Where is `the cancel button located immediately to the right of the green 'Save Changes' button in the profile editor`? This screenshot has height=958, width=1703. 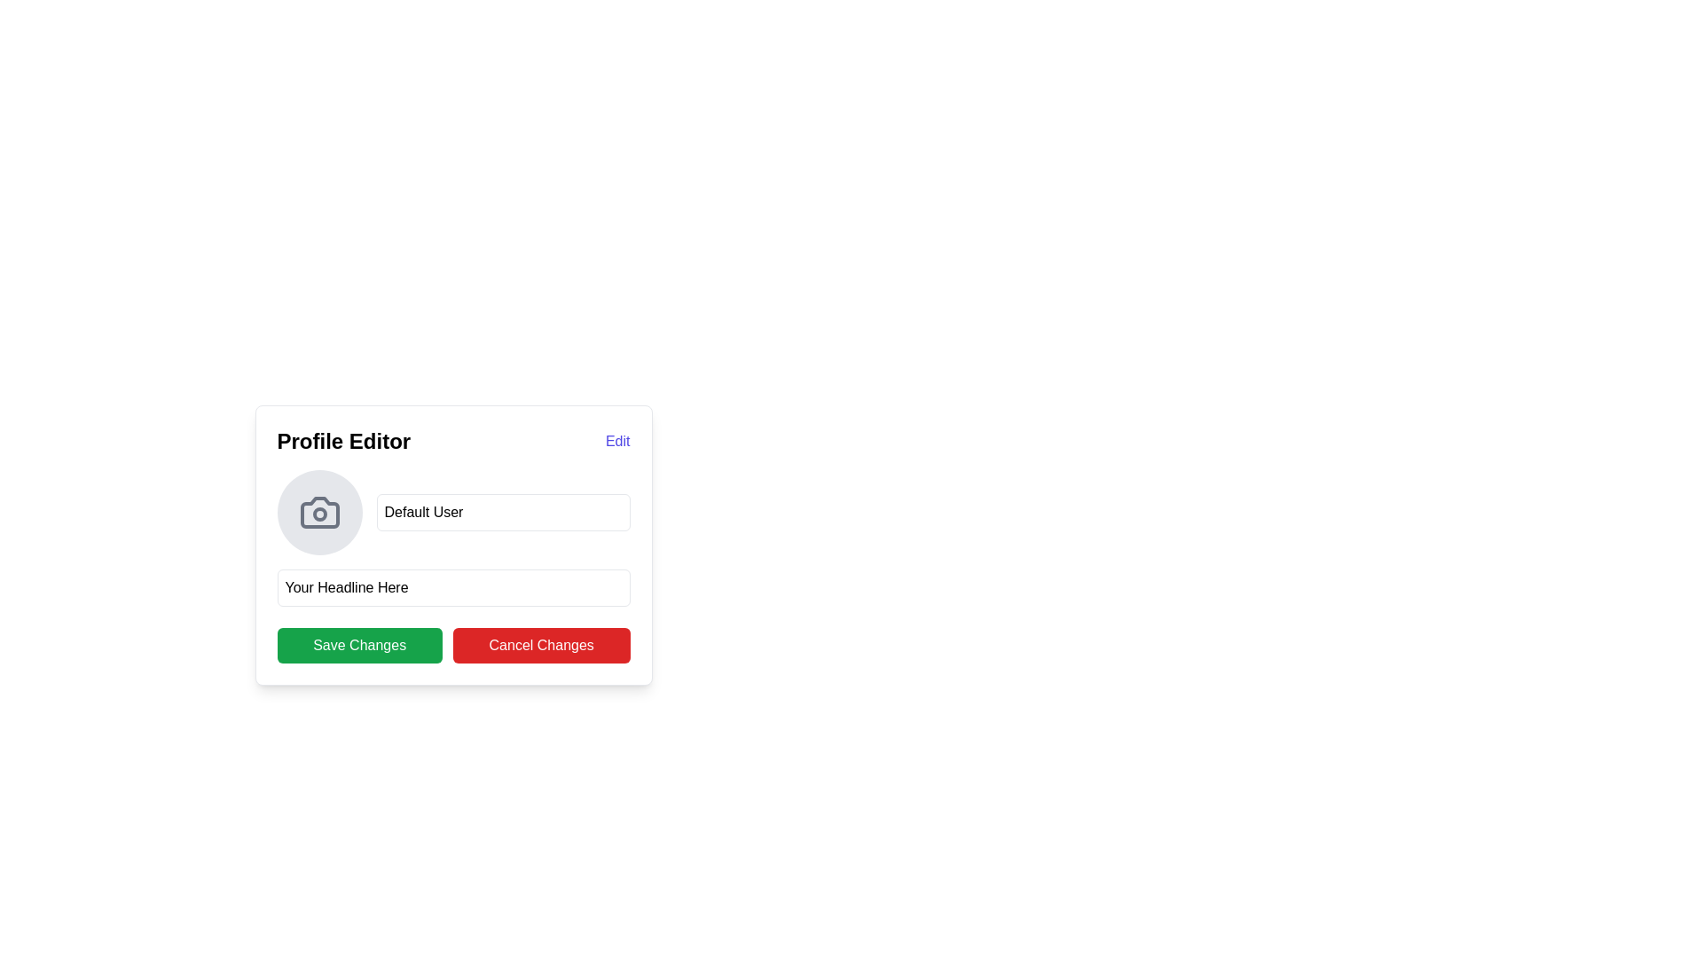
the cancel button located immediately to the right of the green 'Save Changes' button in the profile editor is located at coordinates (540, 646).